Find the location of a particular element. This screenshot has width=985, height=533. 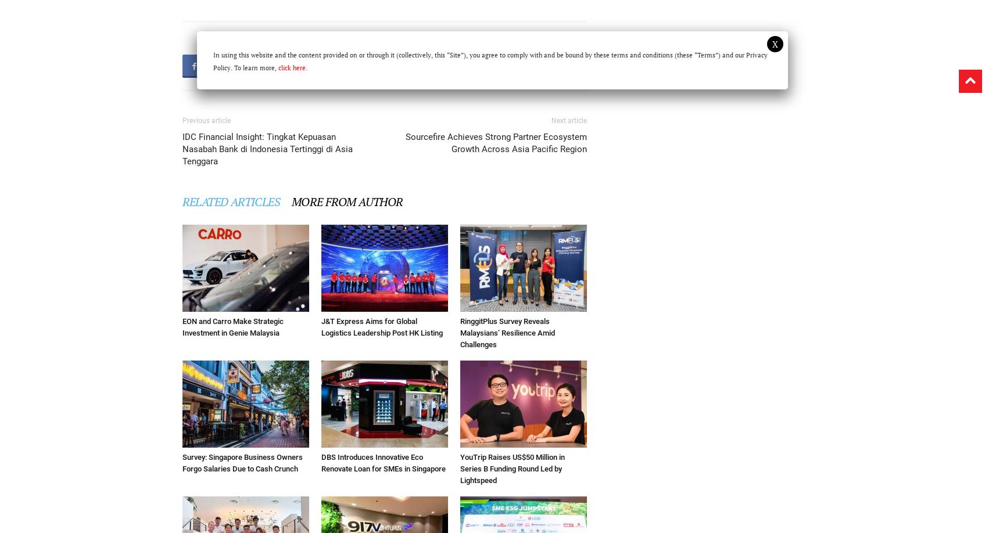

'YouTrip Raises US$50 Million in Series B Funding Round Led by Lightspeed' is located at coordinates (511, 468).